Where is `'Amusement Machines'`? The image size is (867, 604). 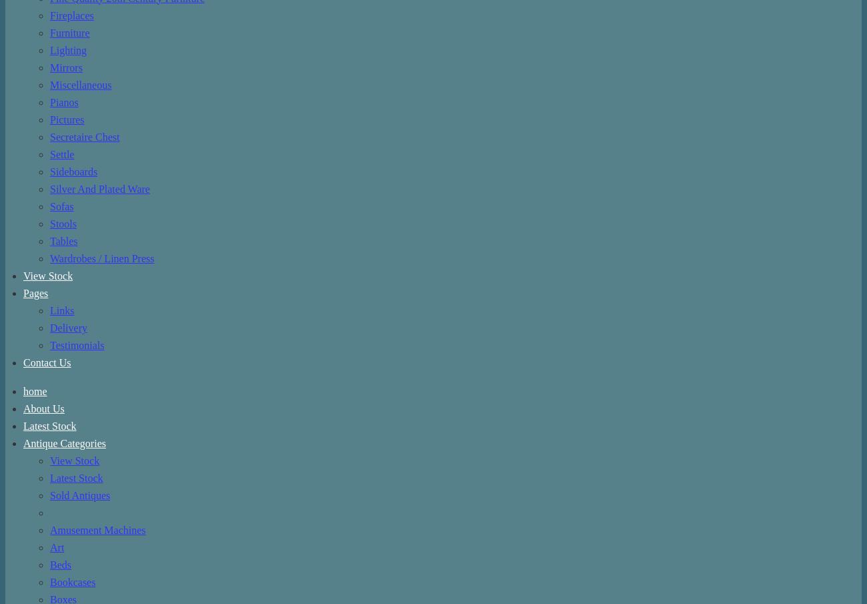
'Amusement Machines' is located at coordinates (97, 529).